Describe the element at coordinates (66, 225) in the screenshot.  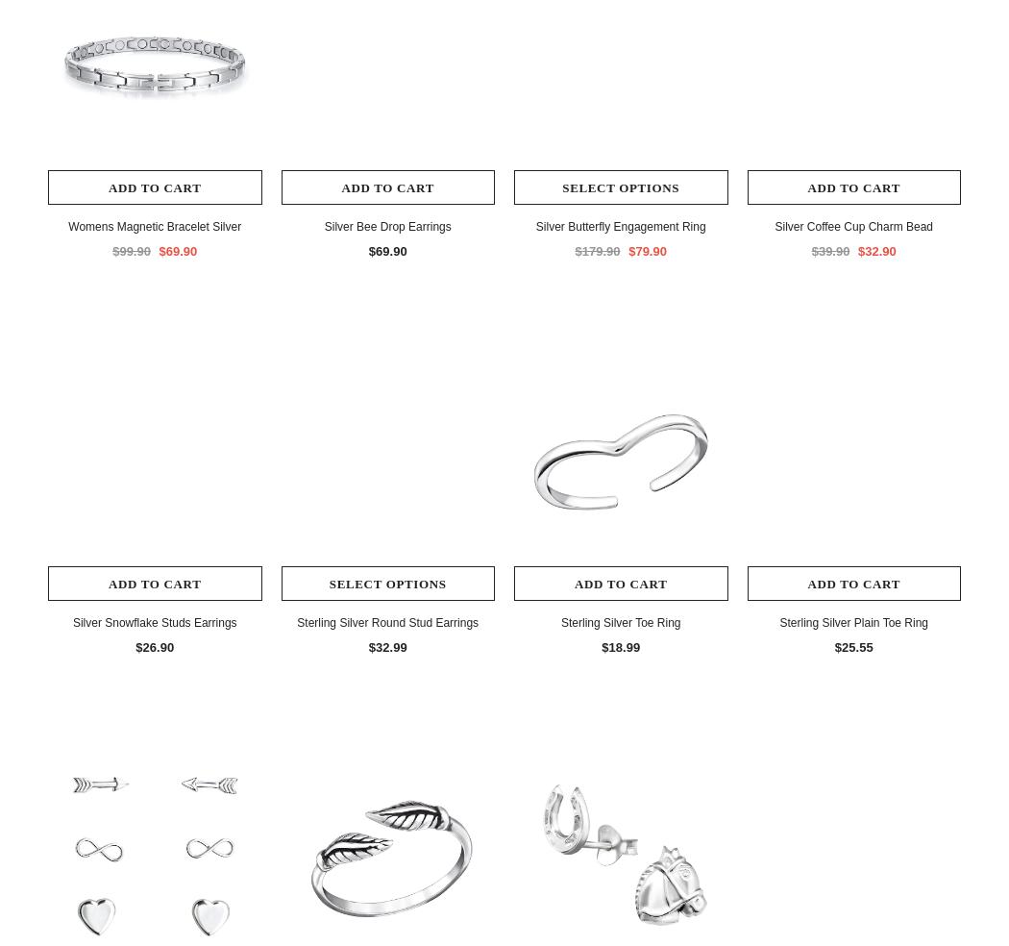
I see `'Womens Magnetic Bracelet Silver'` at that location.